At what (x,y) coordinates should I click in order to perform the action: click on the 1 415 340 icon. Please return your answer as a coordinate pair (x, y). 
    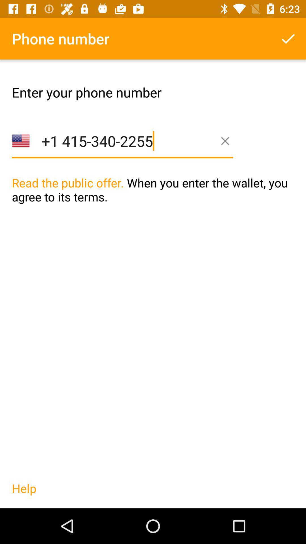
    Looking at the image, I should click on (122, 150).